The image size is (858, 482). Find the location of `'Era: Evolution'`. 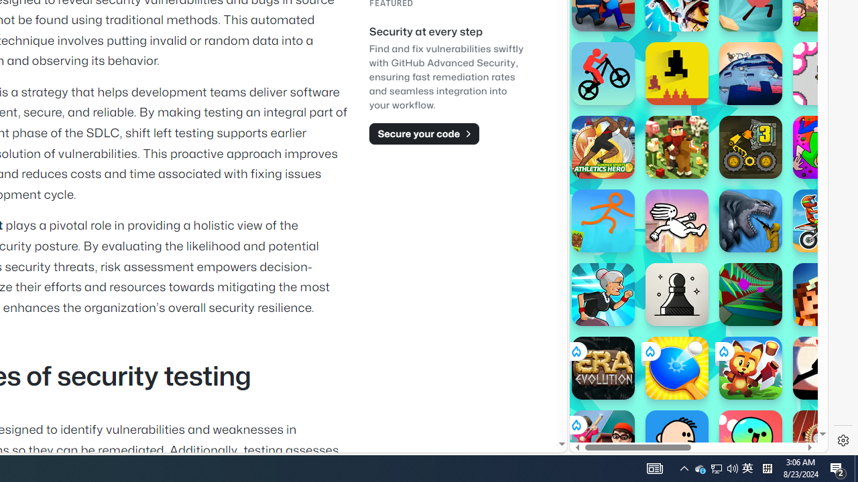

'Era: Evolution' is located at coordinates (602, 368).